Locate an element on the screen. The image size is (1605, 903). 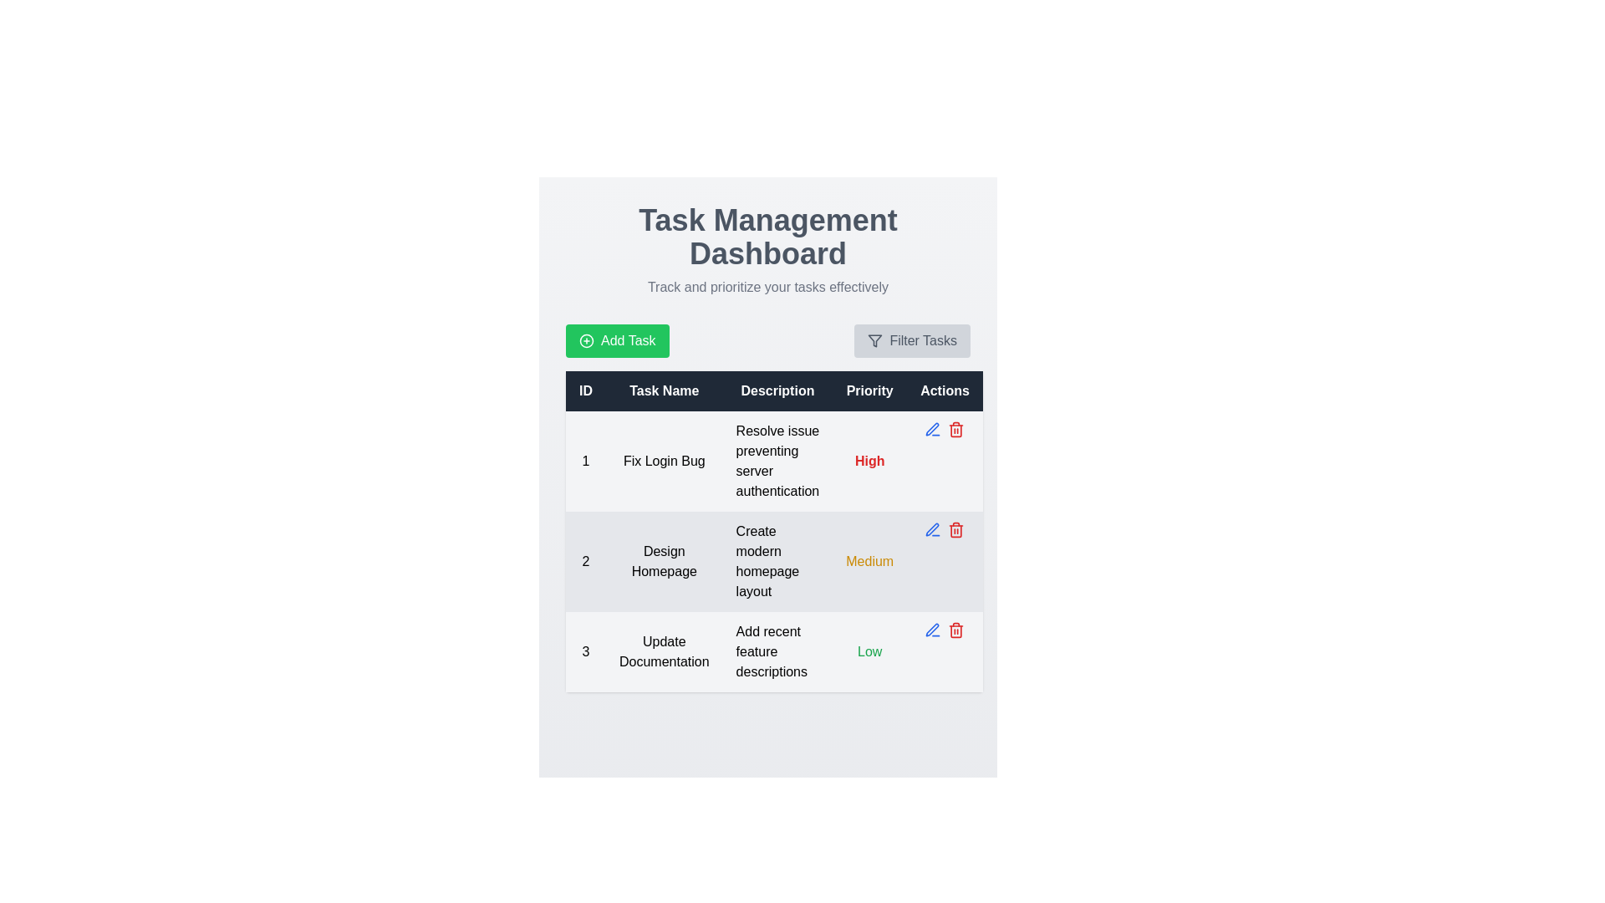
the third column header label in the table that indicates the content type for the respective column below it, centrally aligned and located in the header row is located at coordinates (777, 390).